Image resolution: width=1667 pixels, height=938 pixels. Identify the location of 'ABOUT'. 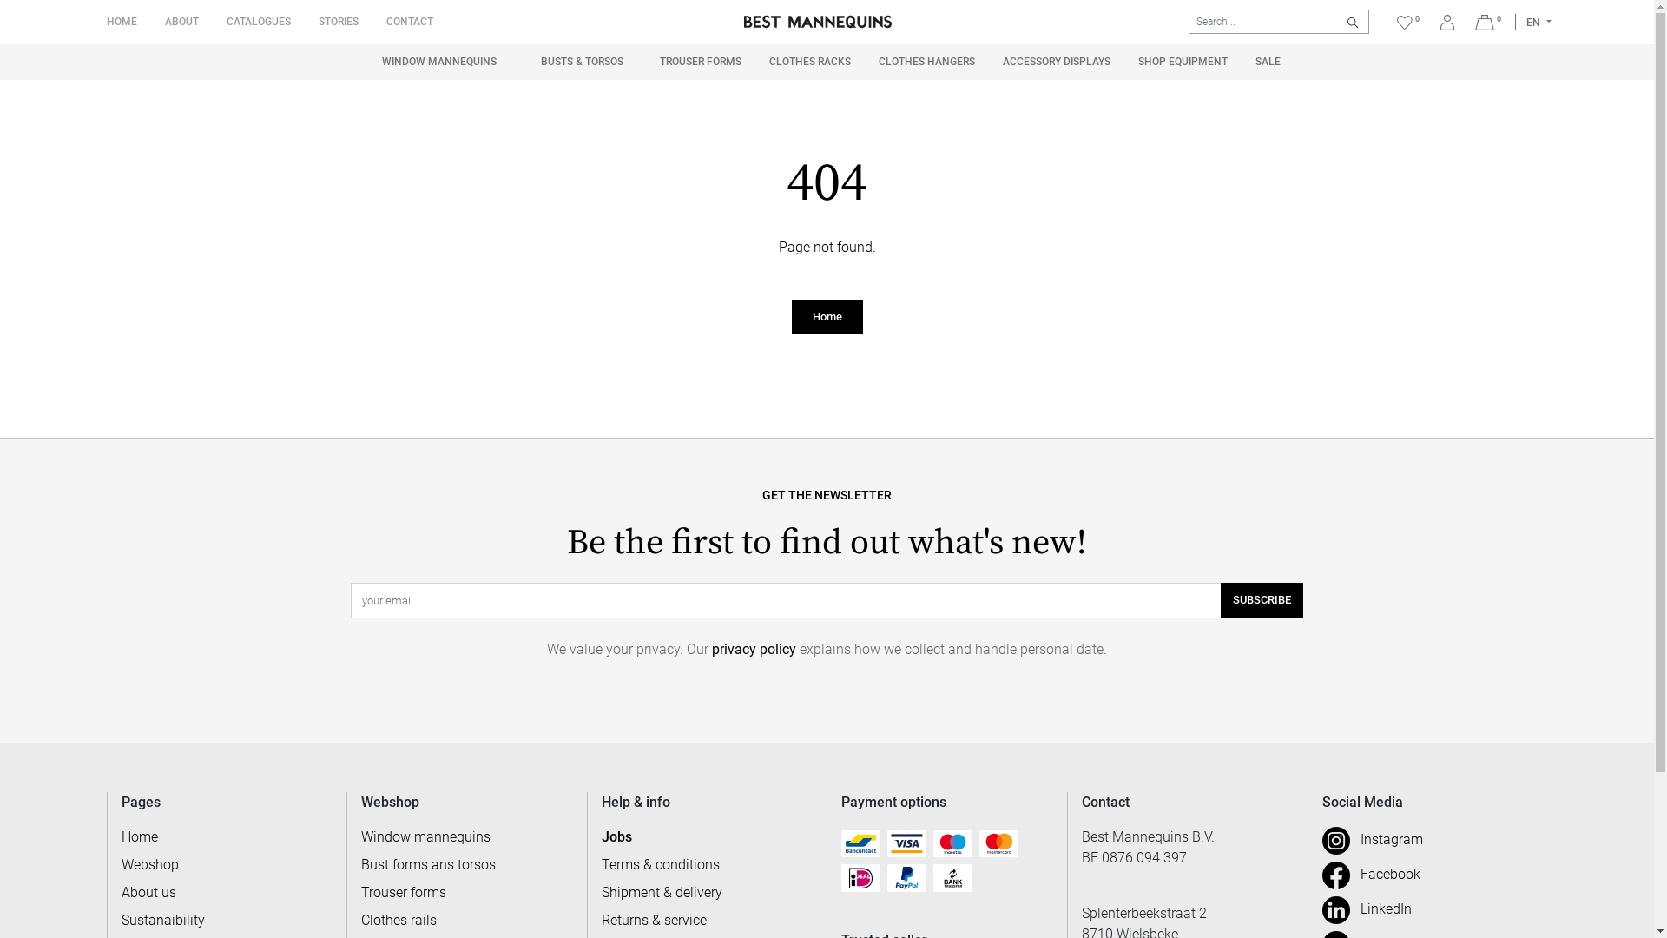
(181, 21).